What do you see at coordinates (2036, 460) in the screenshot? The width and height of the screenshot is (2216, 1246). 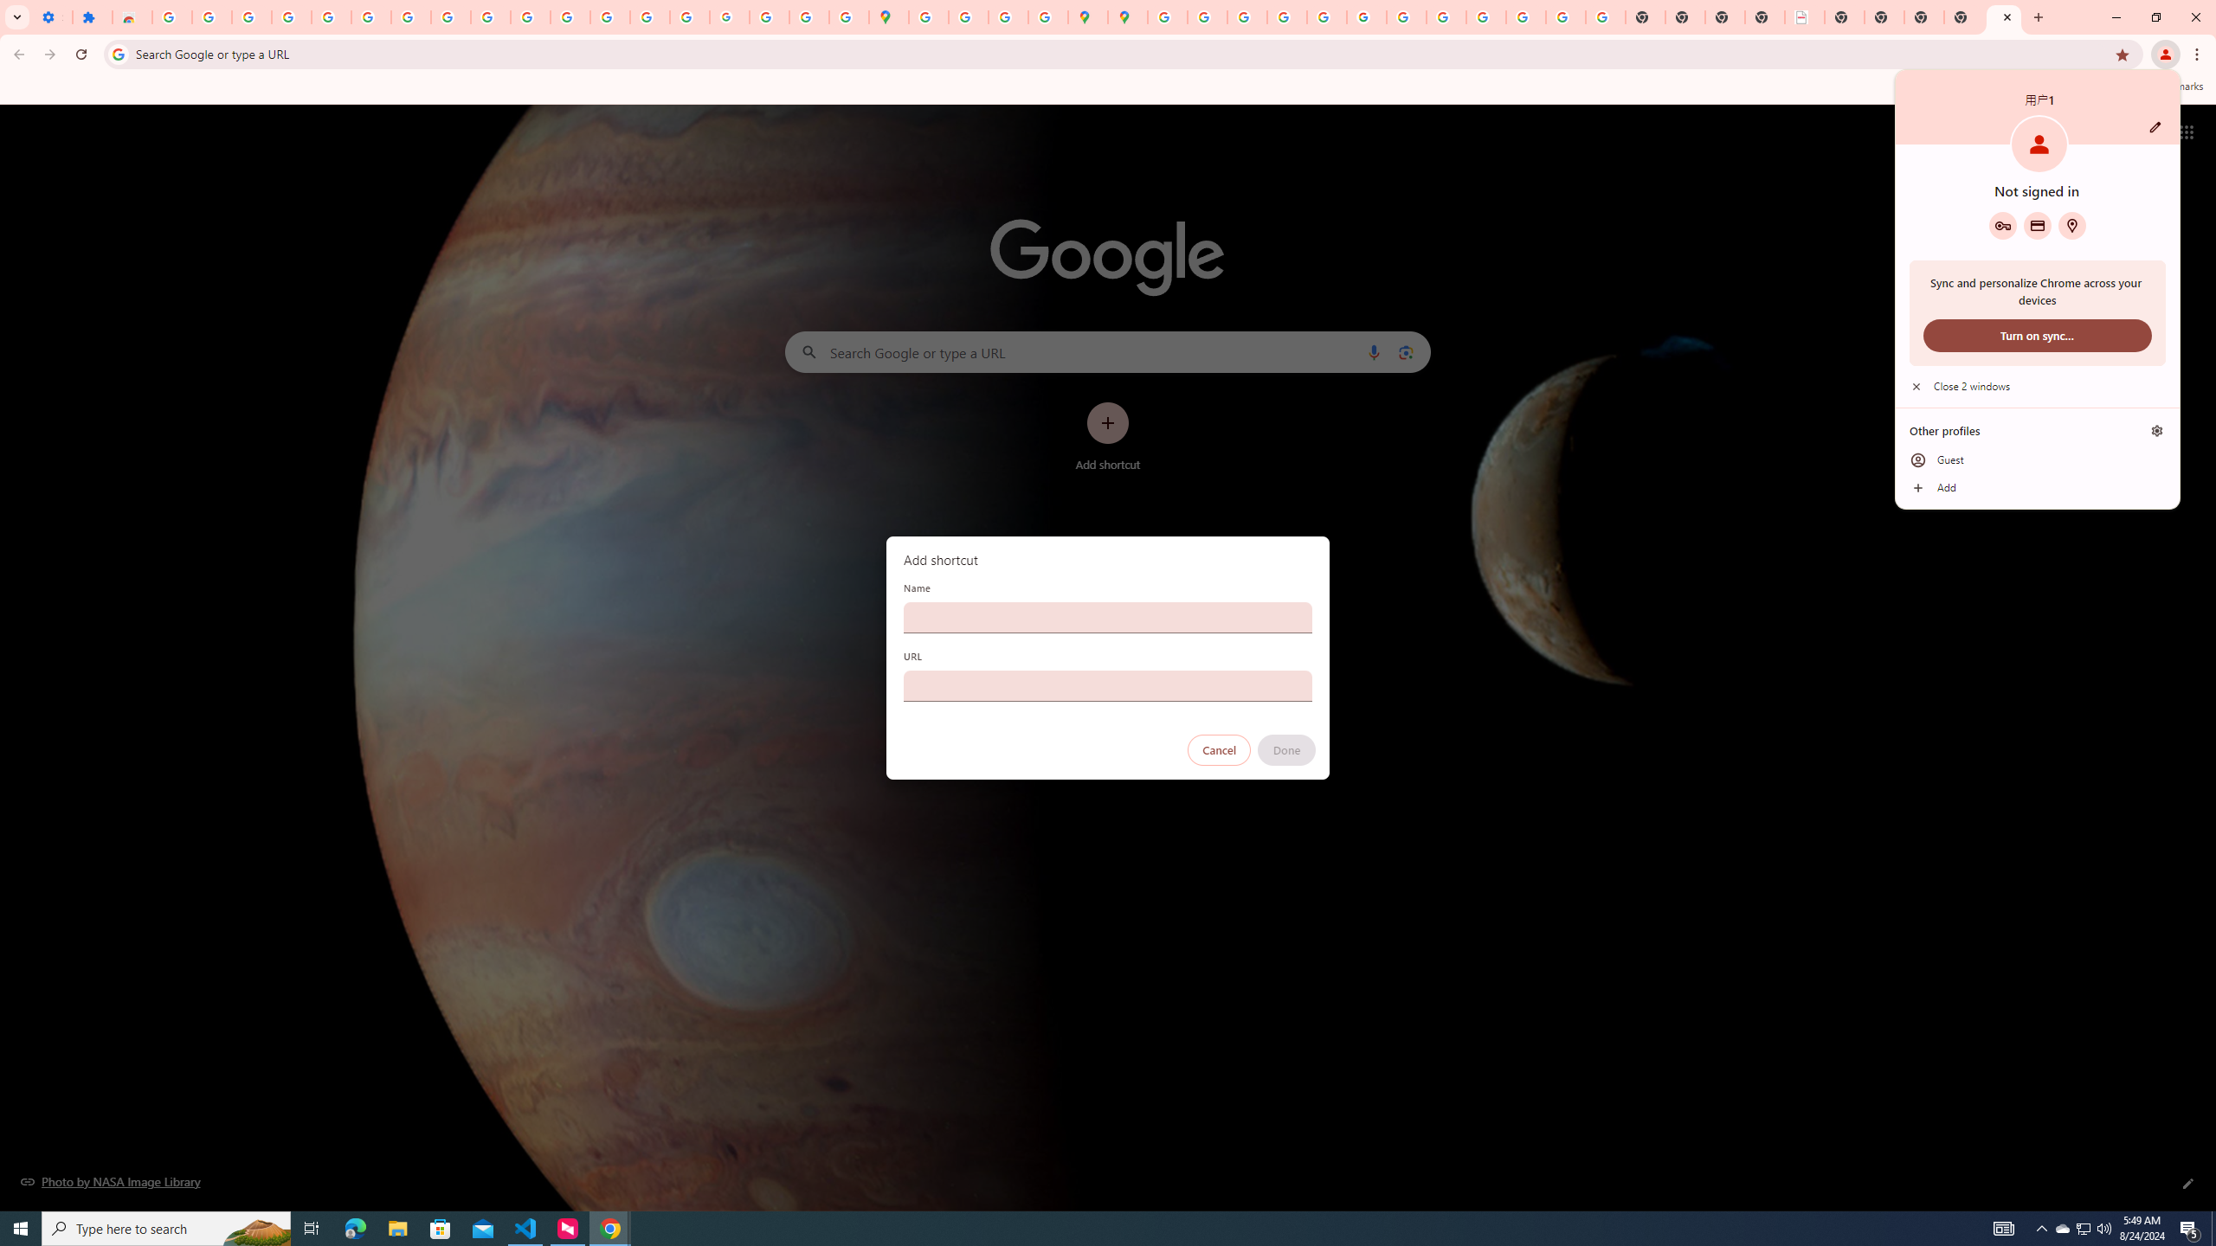 I see `'Guest'` at bounding box center [2036, 460].